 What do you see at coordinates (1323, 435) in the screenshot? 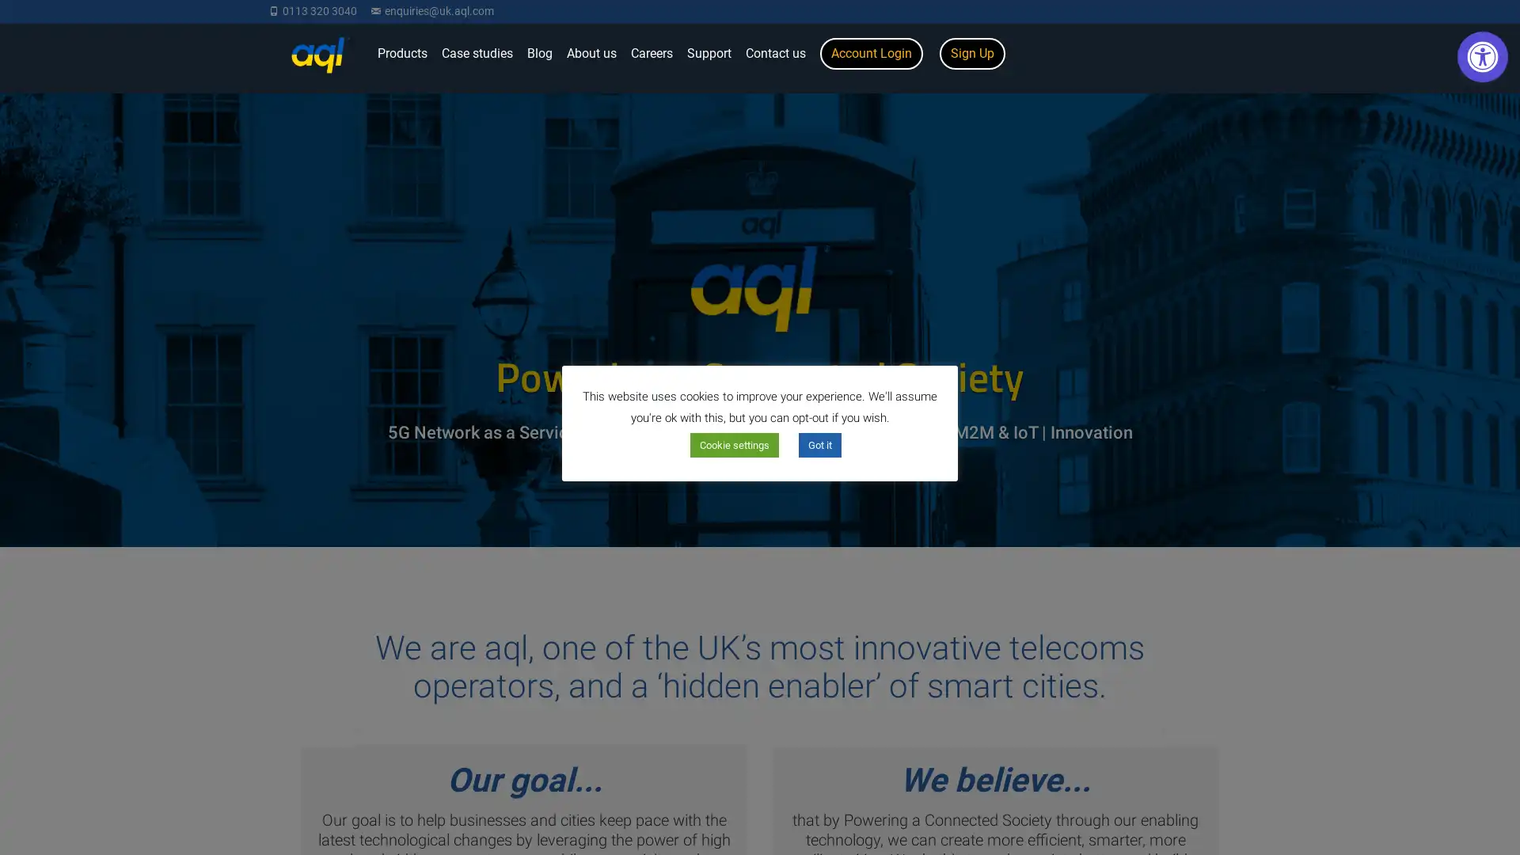
I see `Hide Images` at bounding box center [1323, 435].